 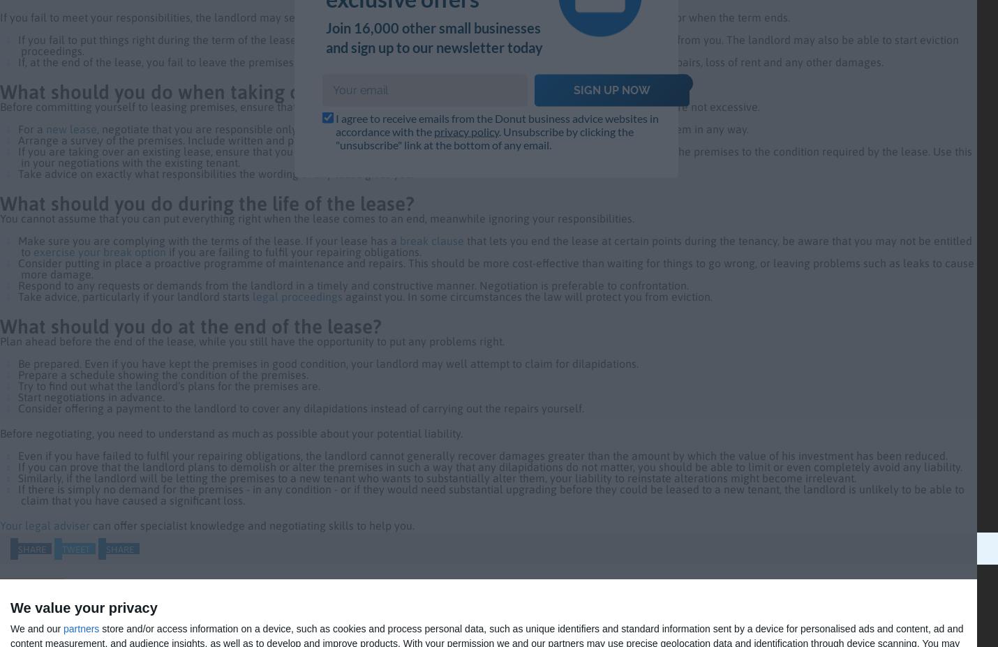 What do you see at coordinates (232, 432) in the screenshot?
I see `'Before negotiating, you need to understand as much as possible about your potential liability.'` at bounding box center [232, 432].